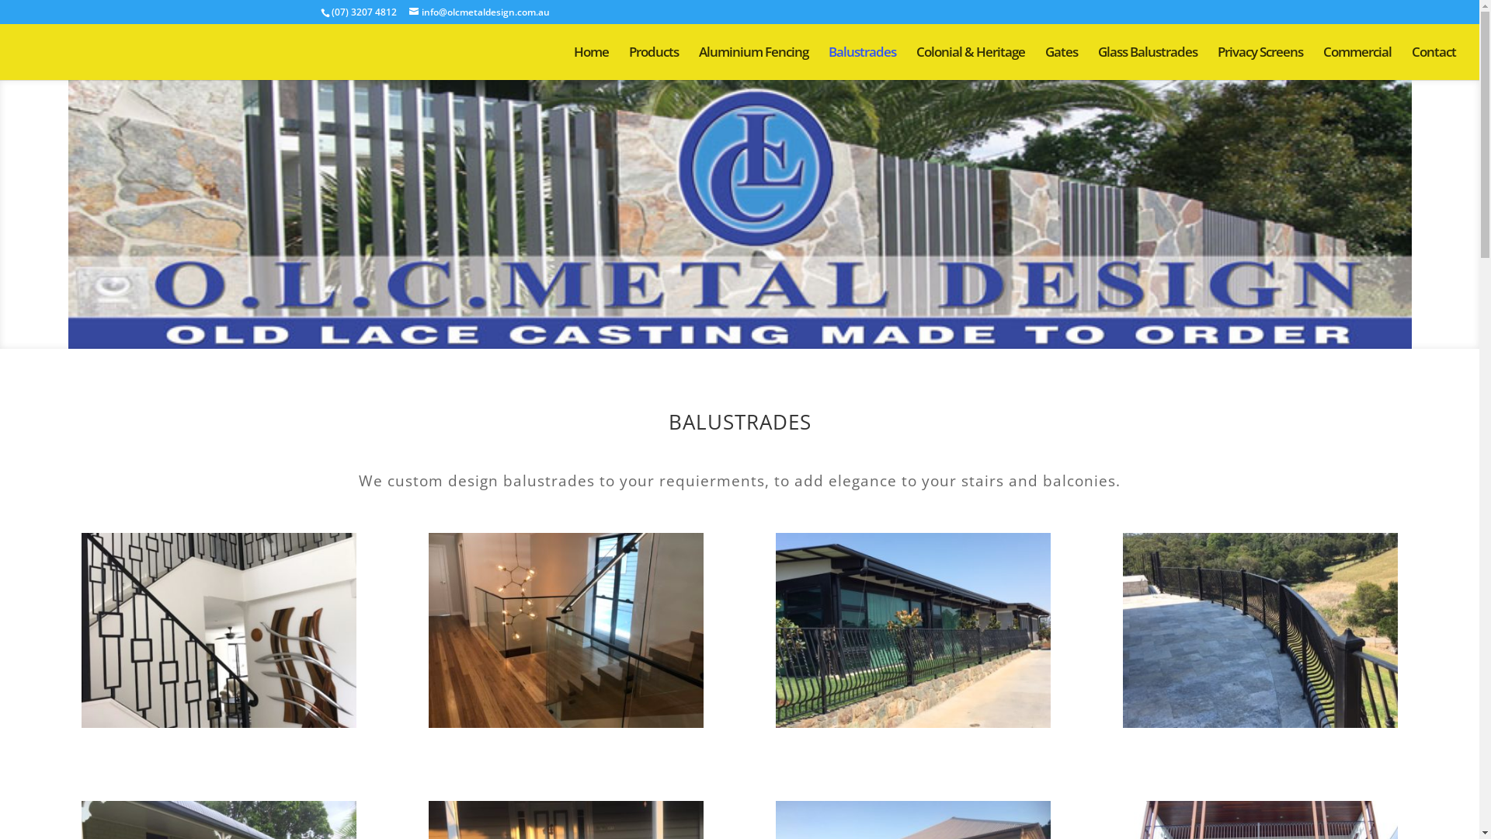 The height and width of the screenshot is (839, 1491). What do you see at coordinates (1044, 62) in the screenshot?
I see `'Gates'` at bounding box center [1044, 62].